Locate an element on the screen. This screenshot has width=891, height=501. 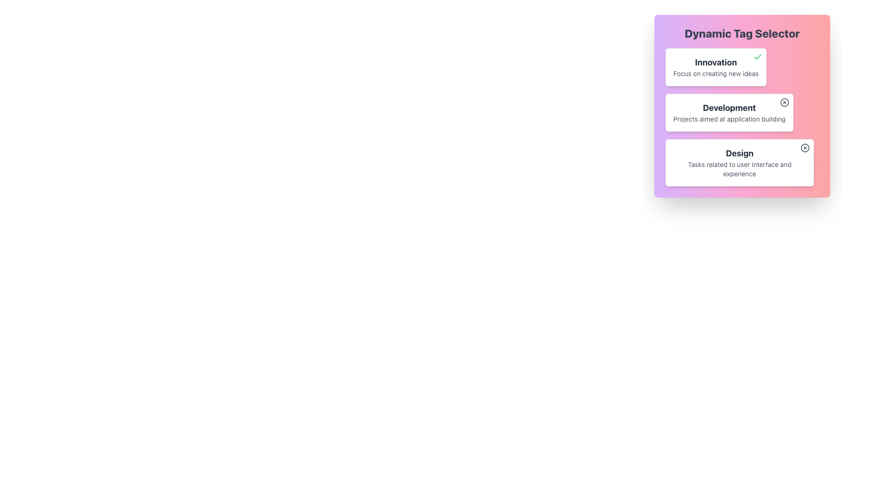
the descriptive label containing the text 'Tasks related to user interface and experience', which is styled in light gray and positioned below the bold header 'Design' is located at coordinates (739, 169).